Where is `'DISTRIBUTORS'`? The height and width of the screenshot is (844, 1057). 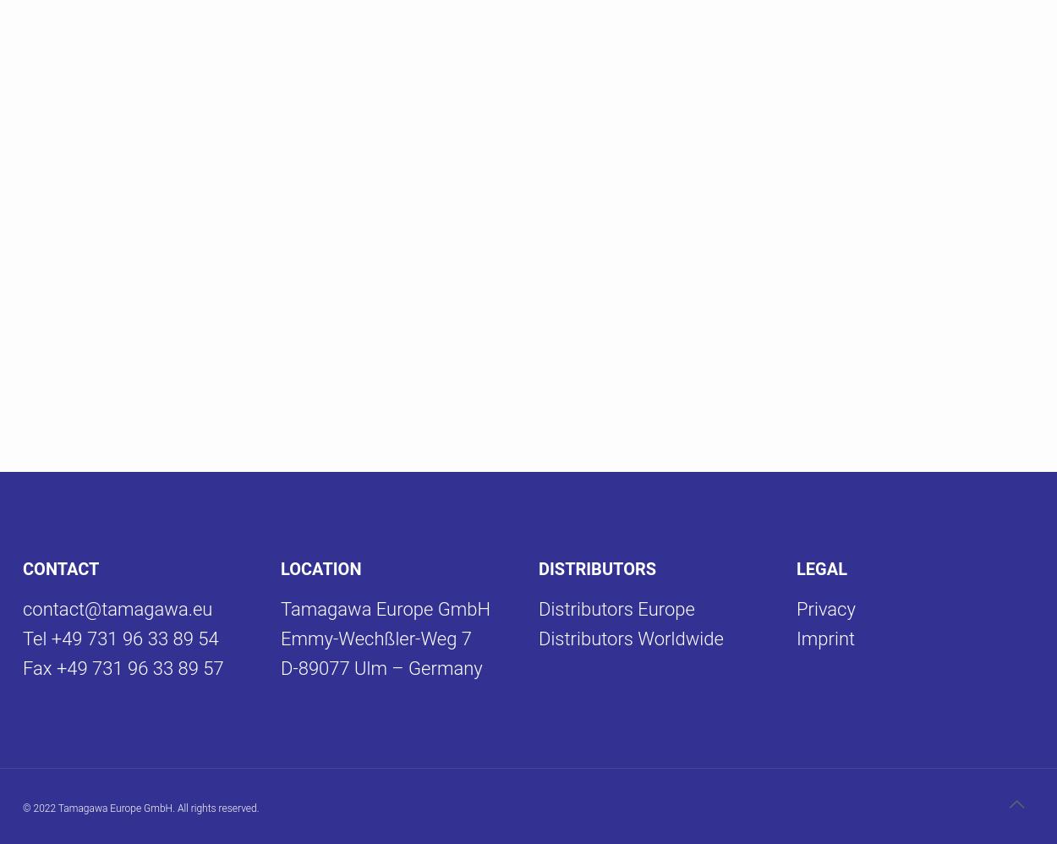 'DISTRIBUTORS' is located at coordinates (596, 567).